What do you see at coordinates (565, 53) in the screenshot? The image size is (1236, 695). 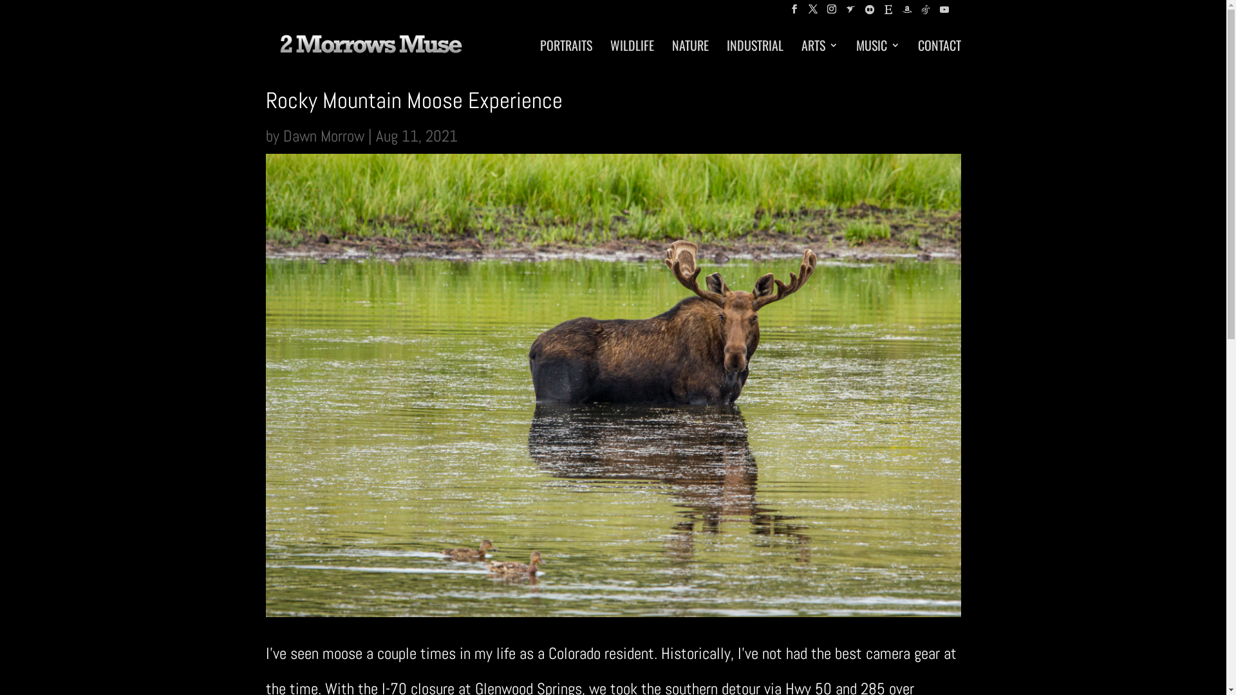 I see `'PORTRAITS'` at bounding box center [565, 53].